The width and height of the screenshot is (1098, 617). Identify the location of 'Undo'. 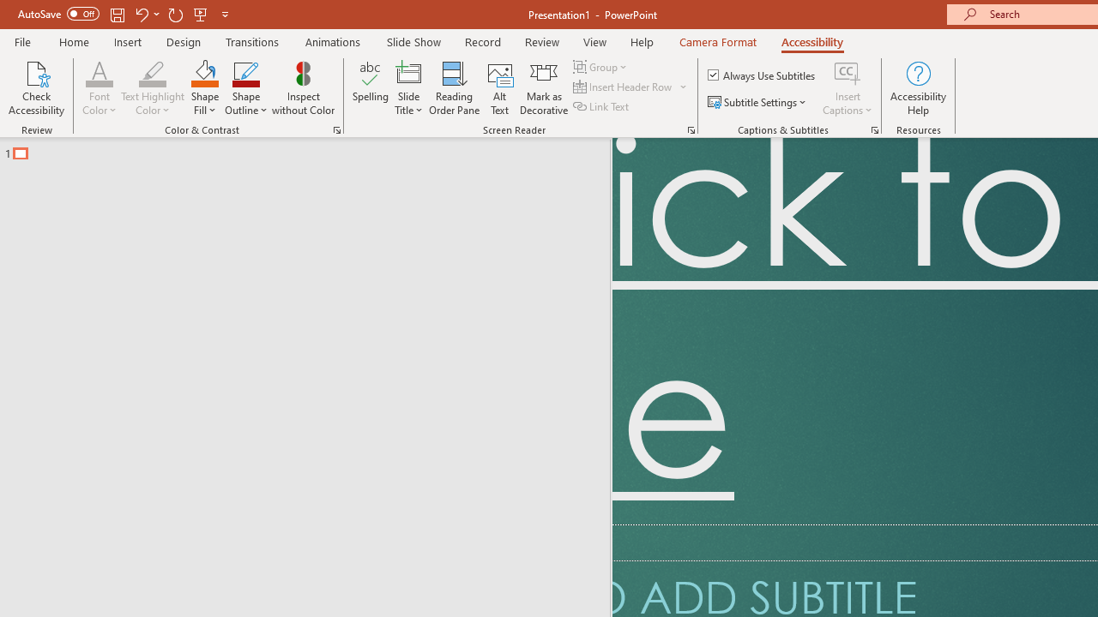
(146, 14).